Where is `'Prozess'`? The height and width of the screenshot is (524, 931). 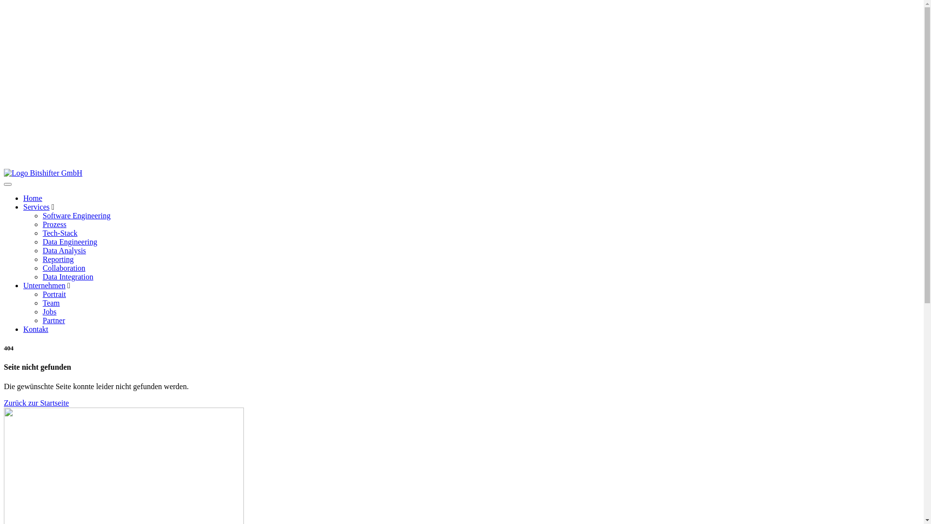 'Prozess' is located at coordinates (54, 224).